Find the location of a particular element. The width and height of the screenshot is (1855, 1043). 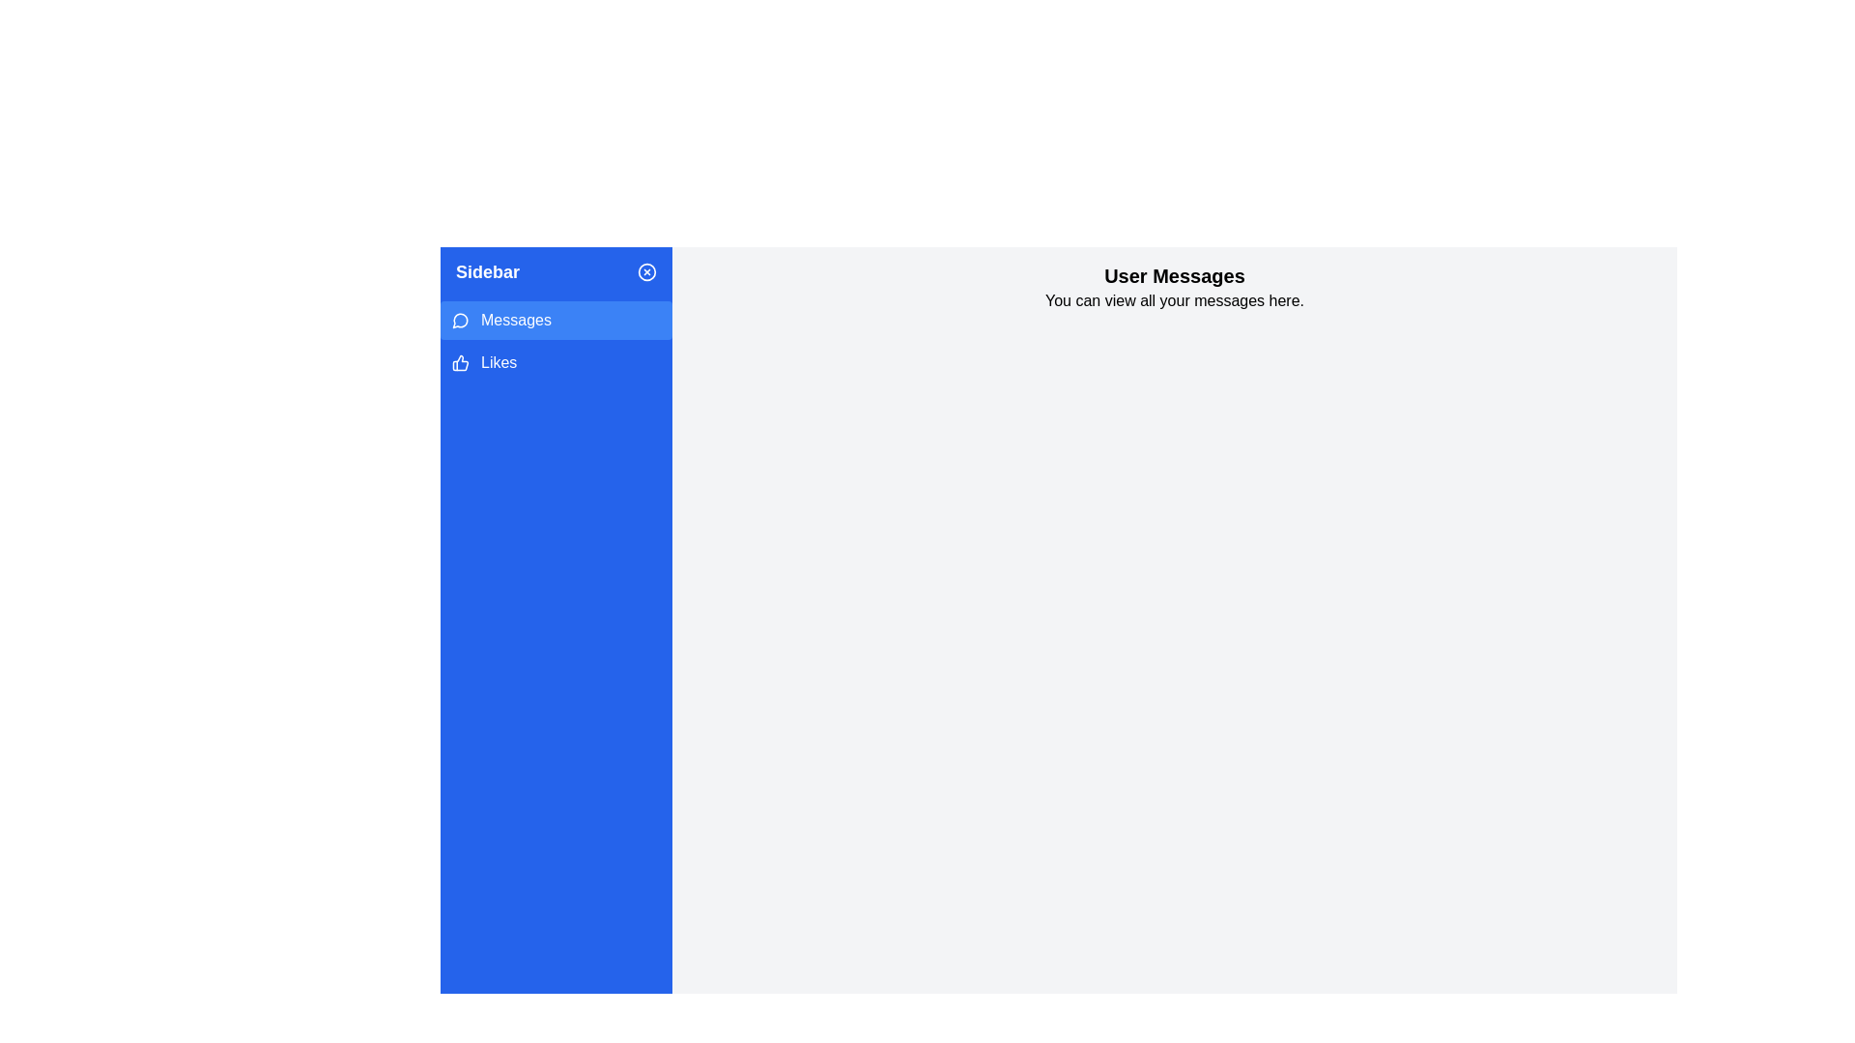

the 'Sidebar' text label, which is positioned at the upper section of the left-hand navigation panel and serves as an identifier for the sidebar is located at coordinates (487, 271).